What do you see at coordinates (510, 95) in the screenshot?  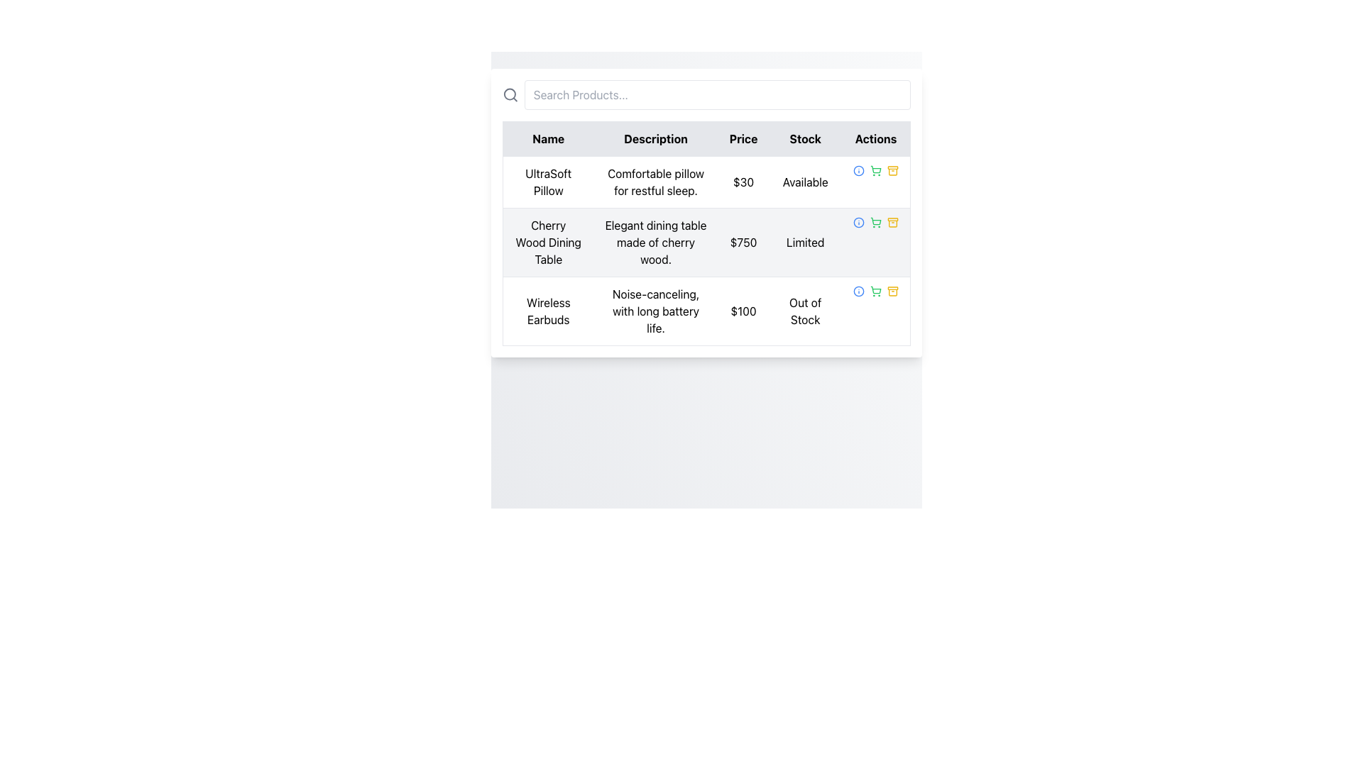 I see `the magnifying glass icon representing the search feature, which is positioned to the left of the search text input field` at bounding box center [510, 95].